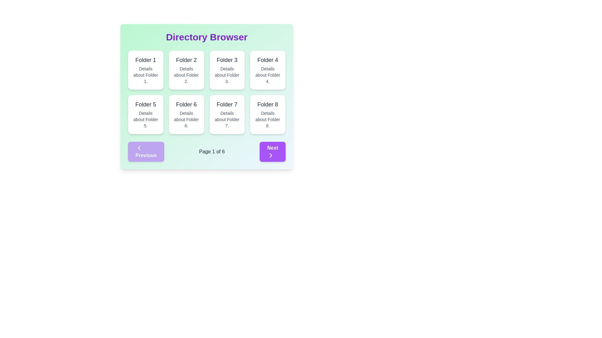 The height and width of the screenshot is (338, 602). Describe the element at coordinates (268, 70) in the screenshot. I see `the Informational Card labeled 'Folder 4' located in the top-right corner of the grid, which displays details about Folder 4` at that location.